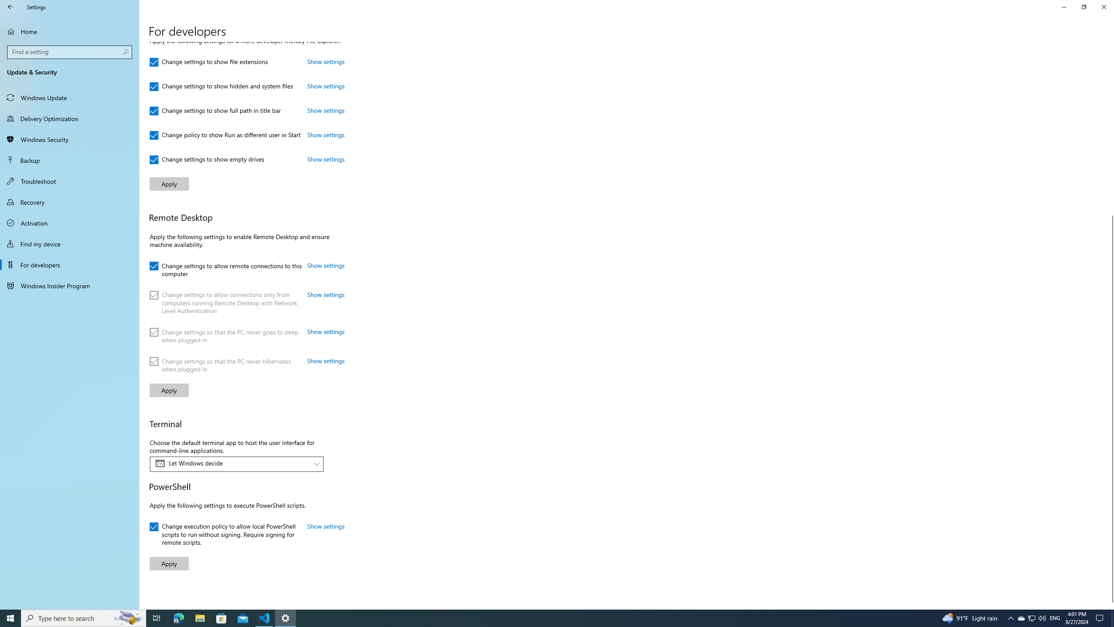 The width and height of the screenshot is (1114, 627). What do you see at coordinates (209, 61) in the screenshot?
I see `'Change settings to show file extensions'` at bounding box center [209, 61].